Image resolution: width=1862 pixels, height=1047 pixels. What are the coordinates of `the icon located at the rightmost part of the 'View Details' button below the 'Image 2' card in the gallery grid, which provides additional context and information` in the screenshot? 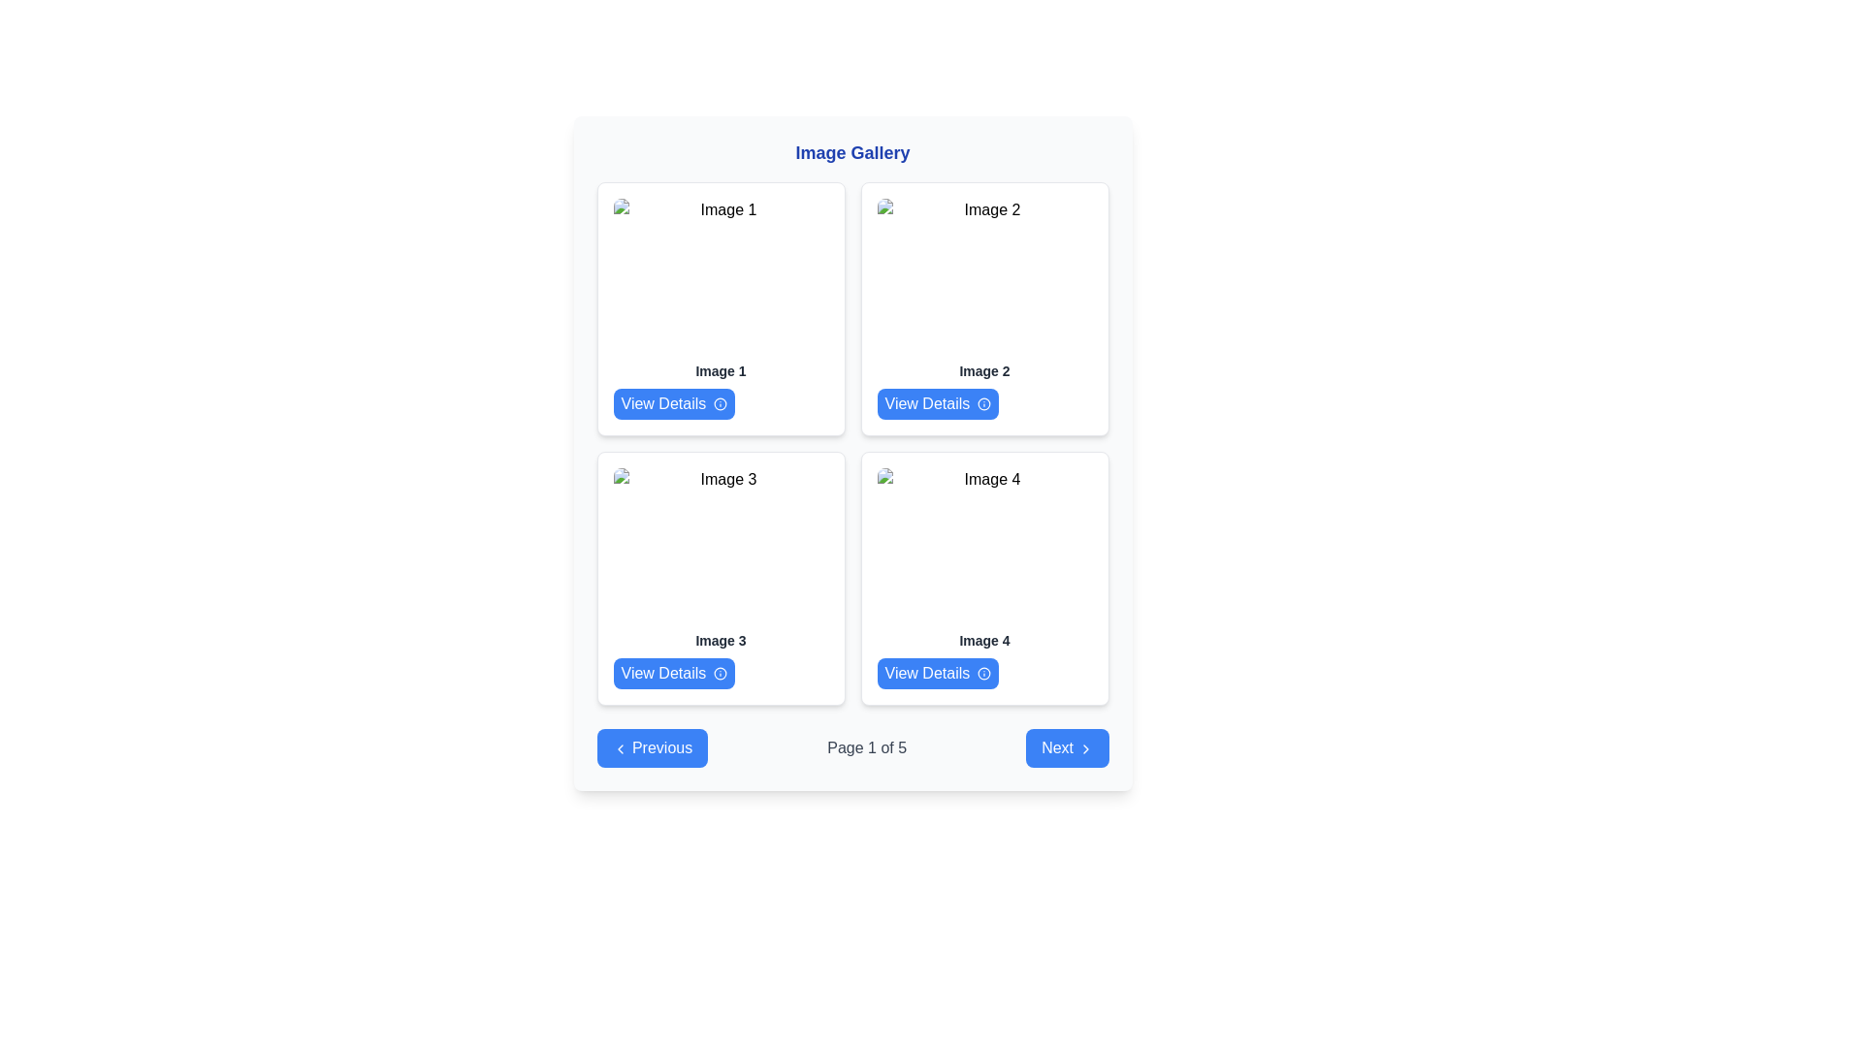 It's located at (984, 402).